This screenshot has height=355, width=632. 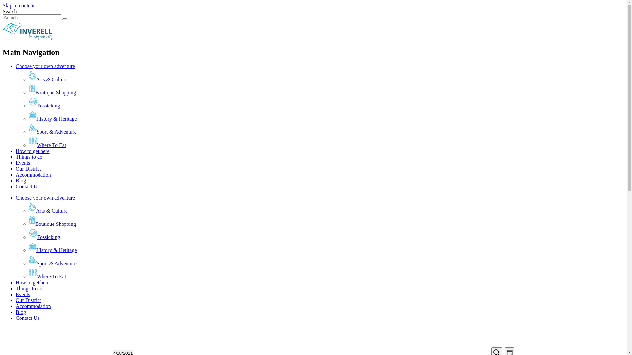 I want to click on 'Arts & Culture', so click(x=48, y=79).